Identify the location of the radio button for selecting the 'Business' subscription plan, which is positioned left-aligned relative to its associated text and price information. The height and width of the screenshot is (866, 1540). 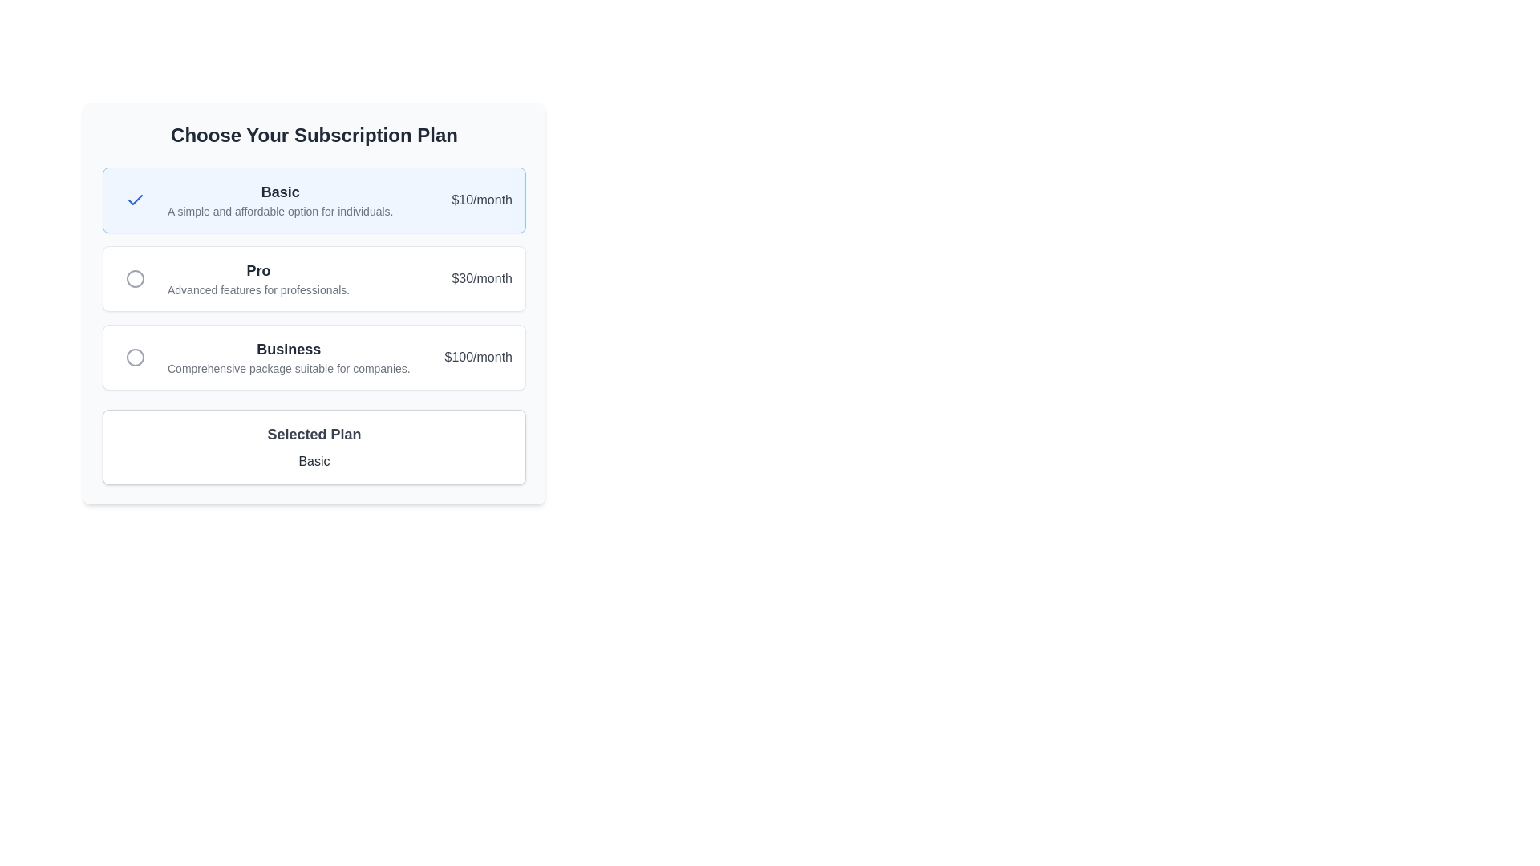
(135, 357).